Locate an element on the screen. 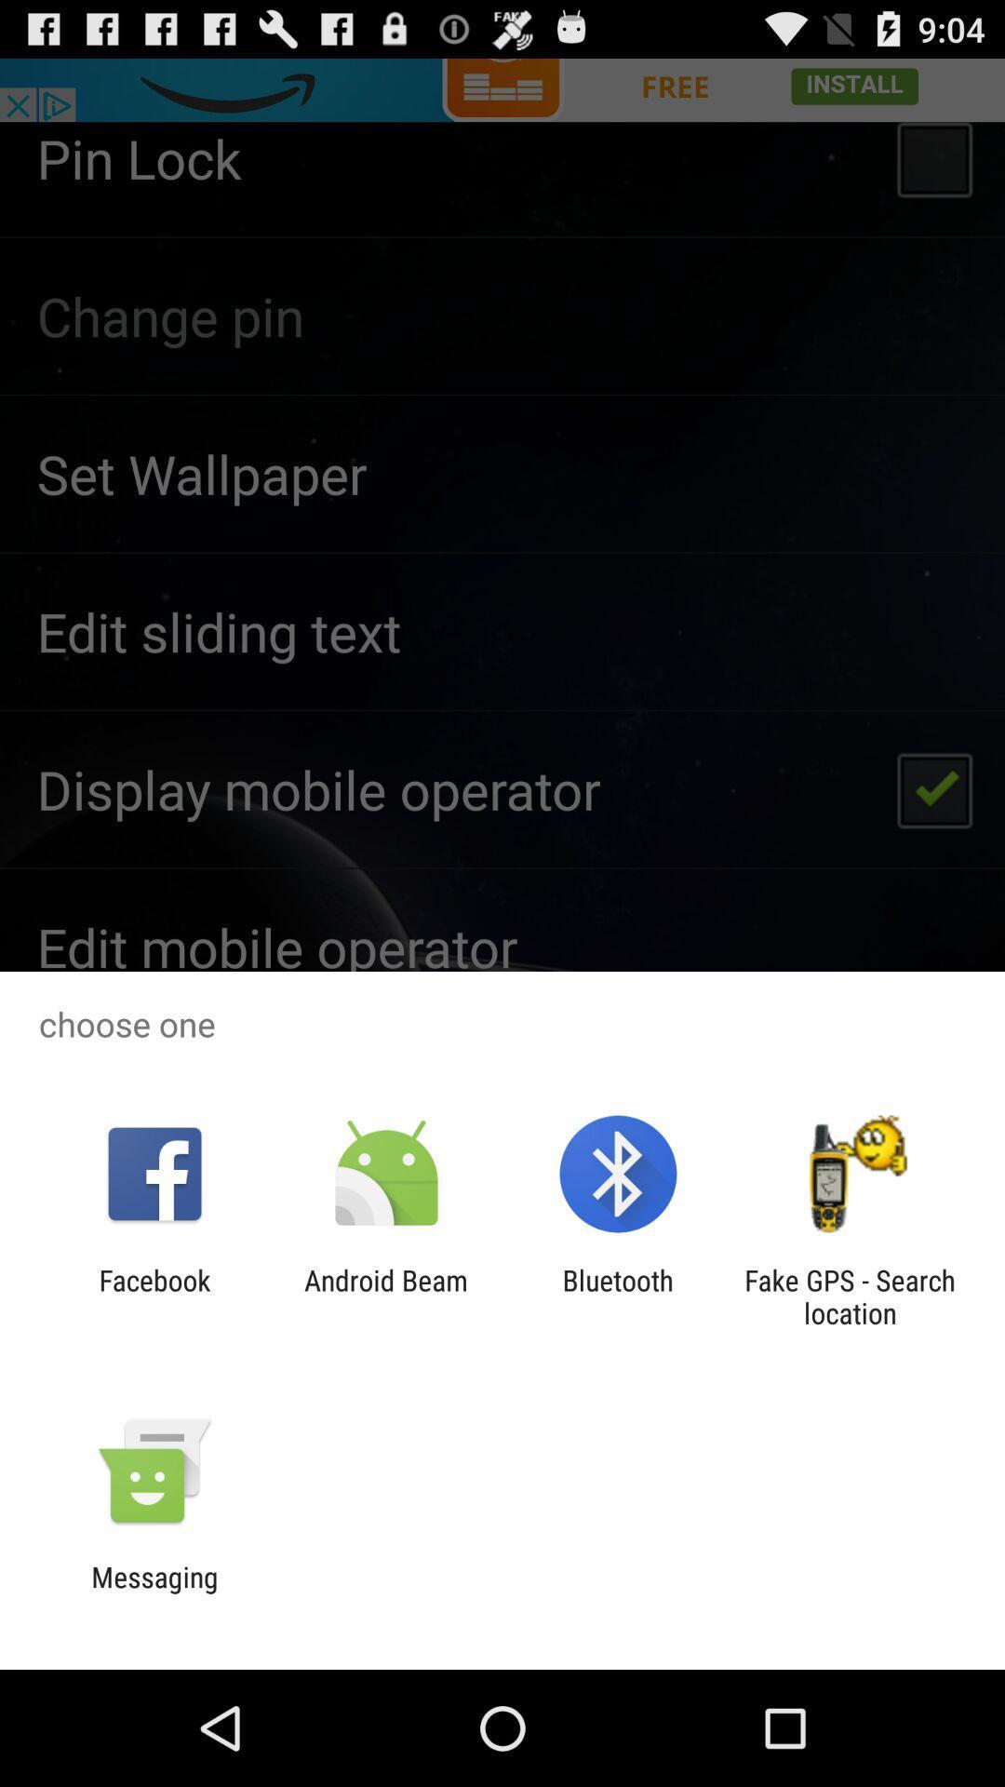 The width and height of the screenshot is (1005, 1787). bluetooth item is located at coordinates (618, 1296).